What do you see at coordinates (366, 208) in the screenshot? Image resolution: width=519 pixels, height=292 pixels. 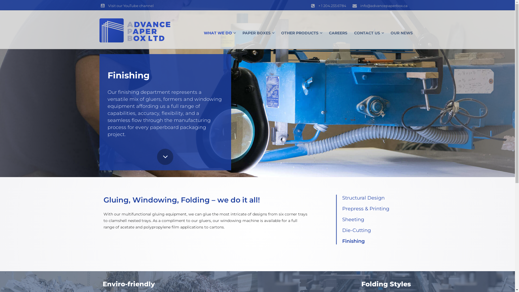 I see `'Prepress & Printing'` at bounding box center [366, 208].